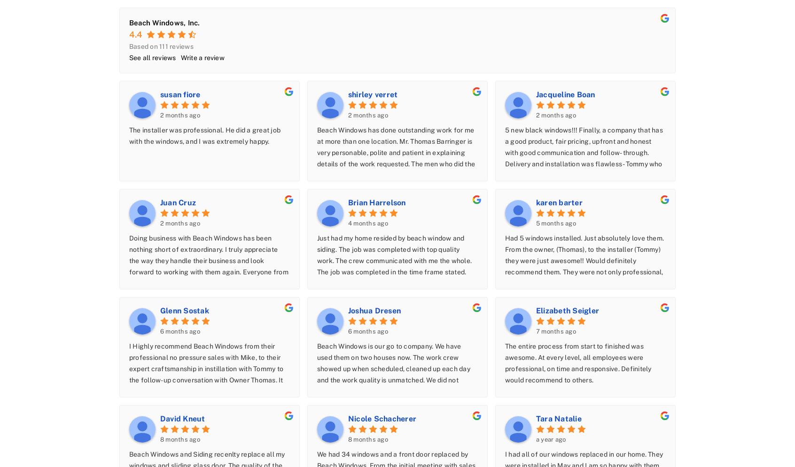 This screenshot has width=795, height=467. I want to click on 'David Kneut', so click(182, 418).